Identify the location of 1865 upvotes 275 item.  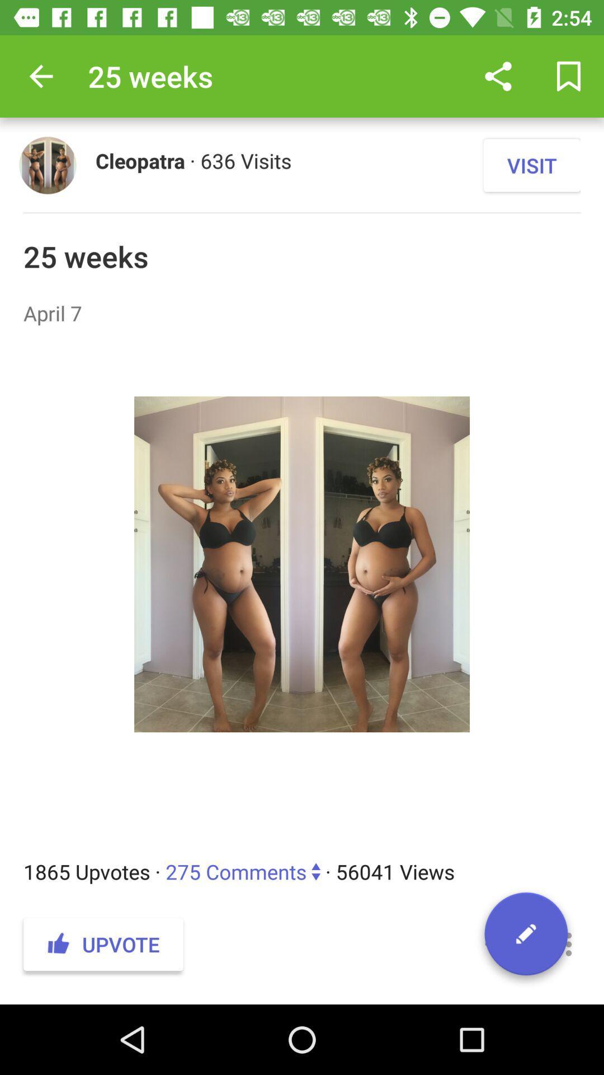
(302, 871).